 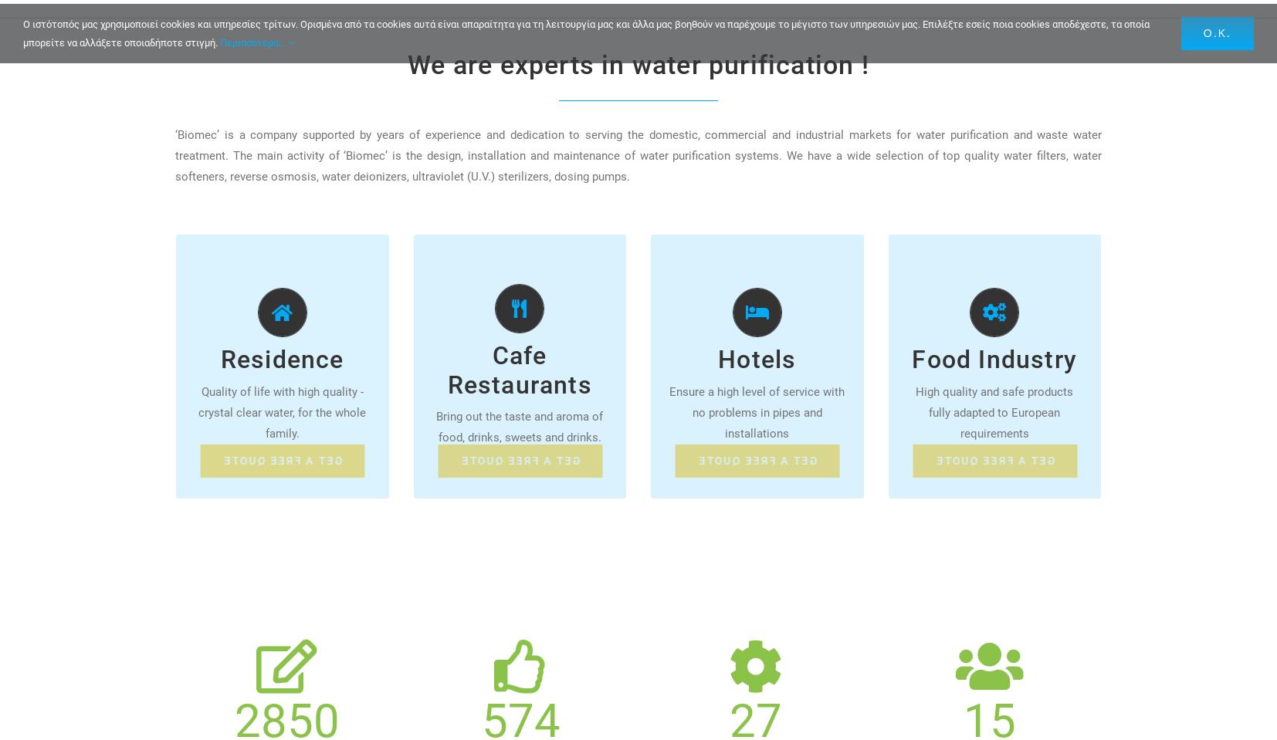 What do you see at coordinates (130, 35) in the screenshot?
I see `'Πνευματικά δικαιώματα © 2023 Biomec'` at bounding box center [130, 35].